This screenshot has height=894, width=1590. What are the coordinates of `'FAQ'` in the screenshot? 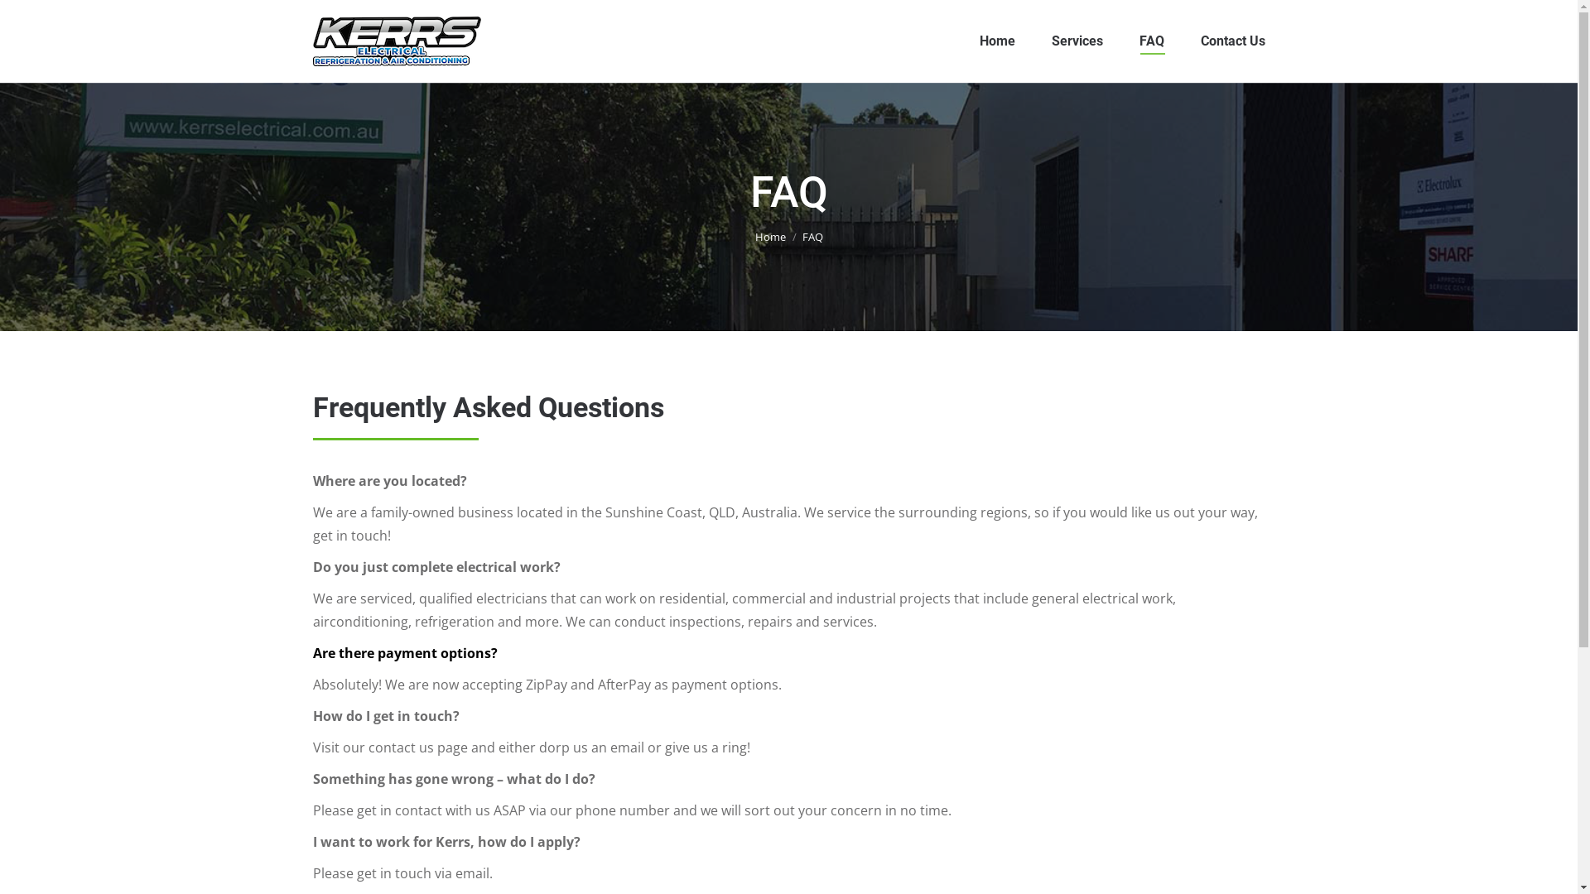 It's located at (1151, 41).